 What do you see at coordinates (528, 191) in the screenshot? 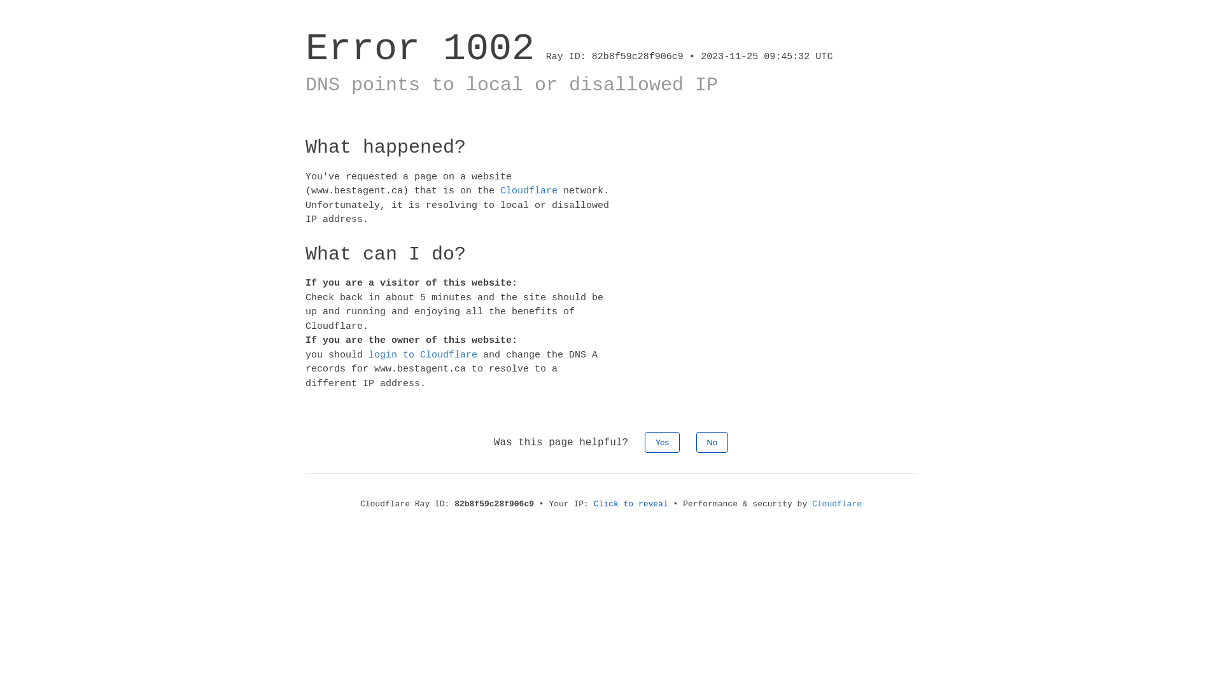
I see `'Cloudflare'` at bounding box center [528, 191].